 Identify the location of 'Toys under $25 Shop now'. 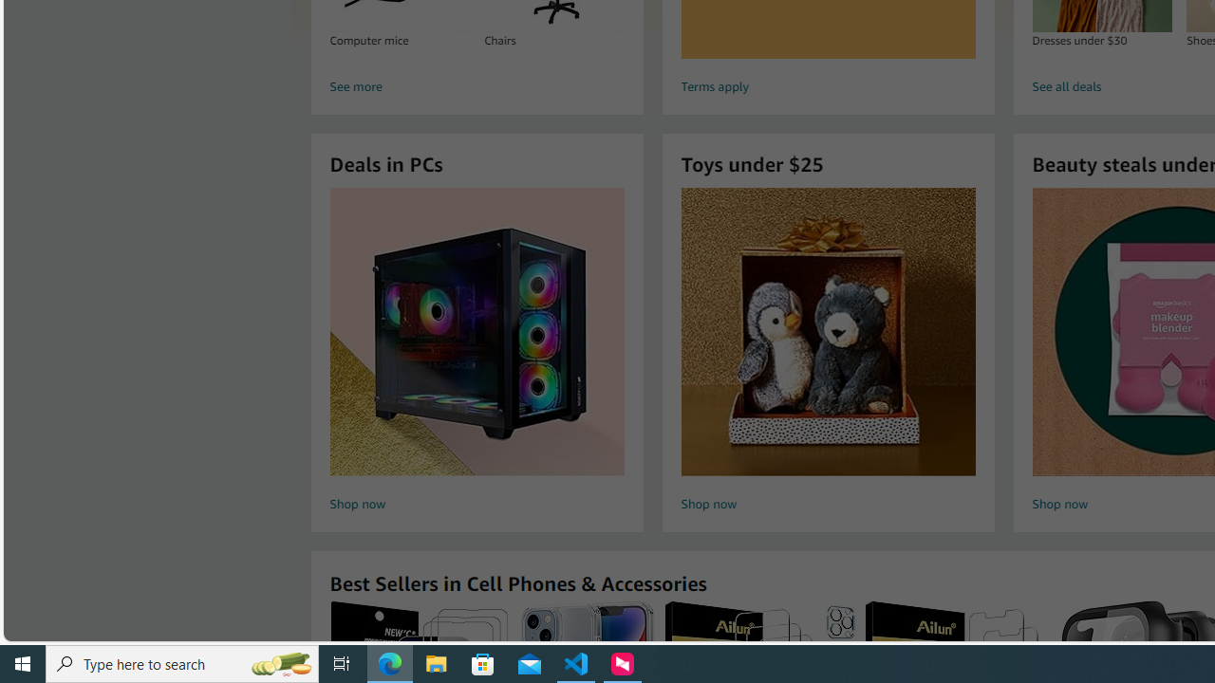
(828, 352).